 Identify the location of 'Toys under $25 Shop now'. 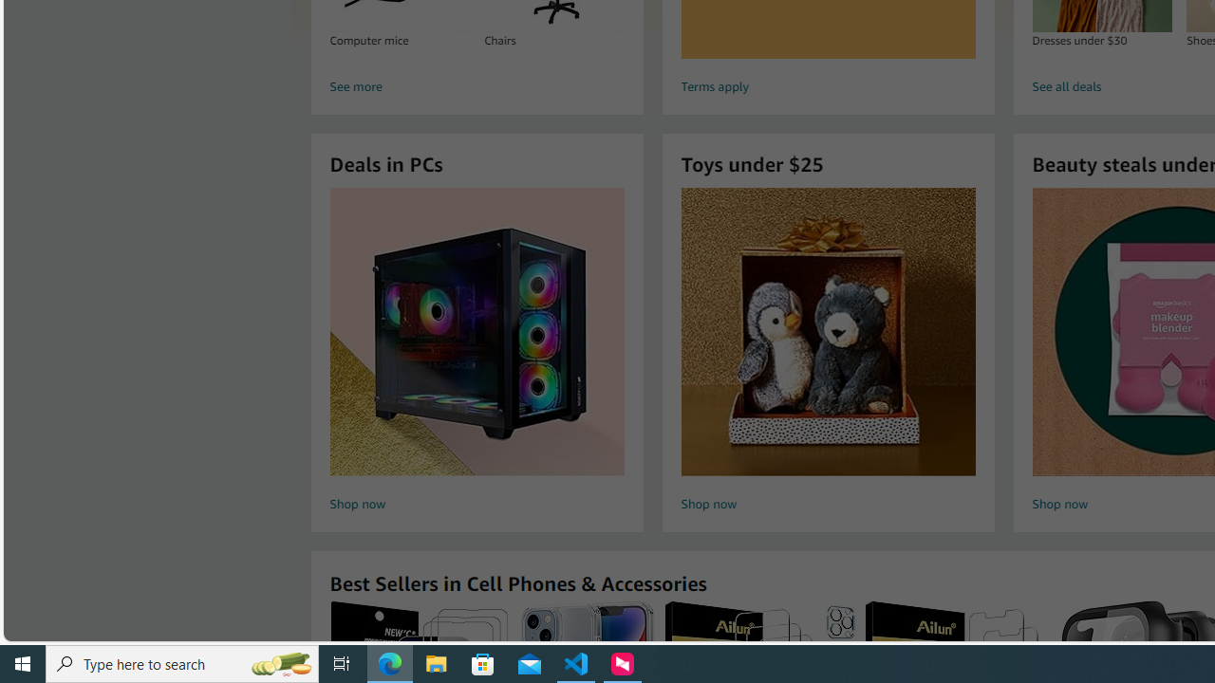
(828, 352).